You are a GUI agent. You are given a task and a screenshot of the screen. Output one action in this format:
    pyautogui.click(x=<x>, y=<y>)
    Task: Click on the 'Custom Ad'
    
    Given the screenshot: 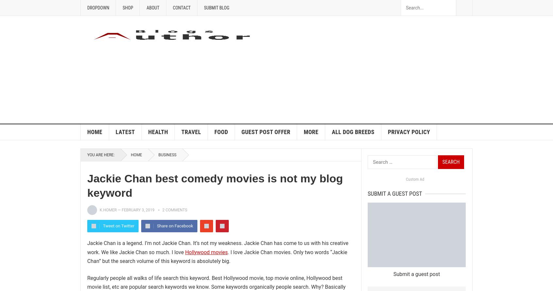 What is the action you would take?
    pyautogui.click(x=415, y=179)
    